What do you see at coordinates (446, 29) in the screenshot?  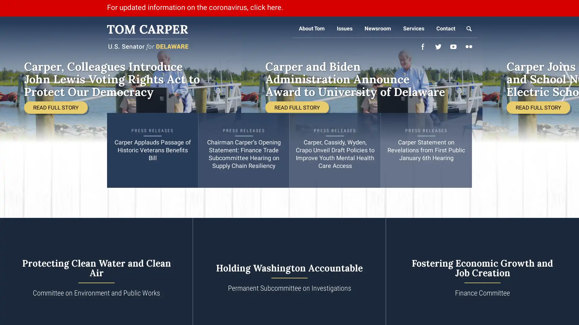 I see `Contact` at bounding box center [446, 29].